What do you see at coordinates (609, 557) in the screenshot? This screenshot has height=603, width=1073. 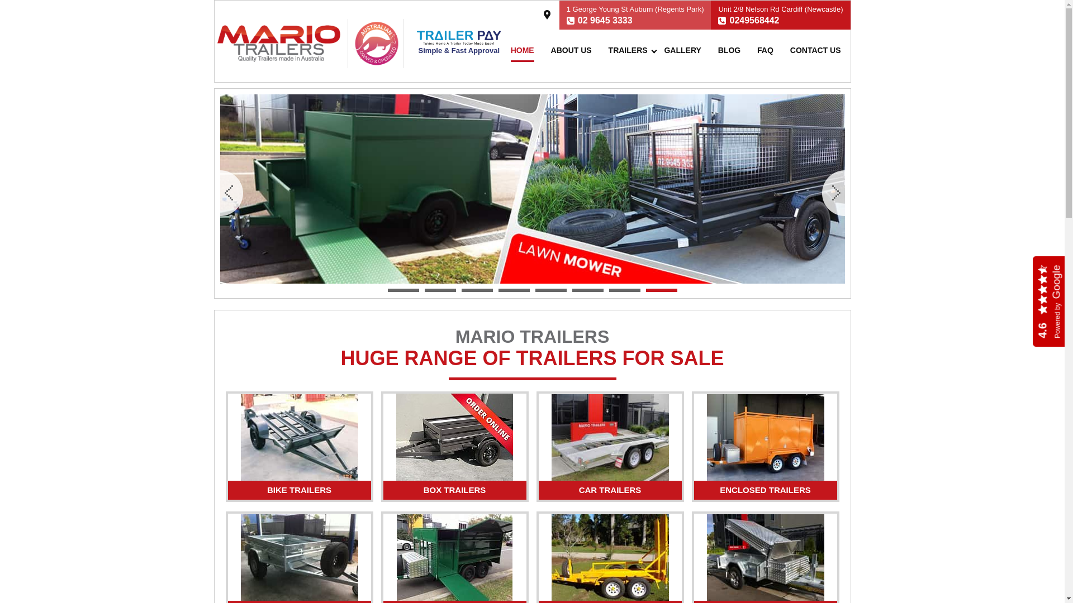 I see `'Machinery Trailers'` at bounding box center [609, 557].